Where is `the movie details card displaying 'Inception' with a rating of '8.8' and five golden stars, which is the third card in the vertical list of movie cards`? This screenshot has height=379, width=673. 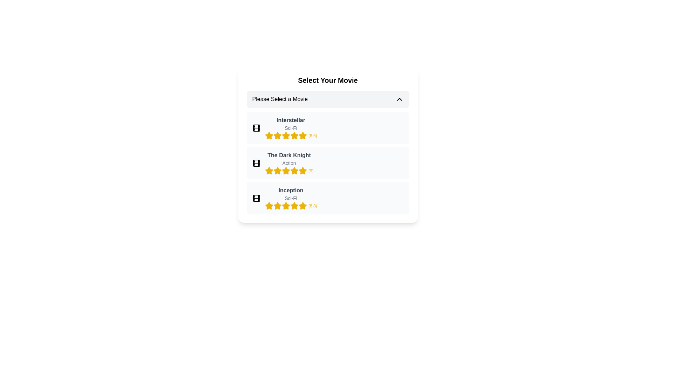 the movie details card displaying 'Inception' with a rating of '8.8' and five golden stars, which is the third card in the vertical list of movie cards is located at coordinates (327, 198).